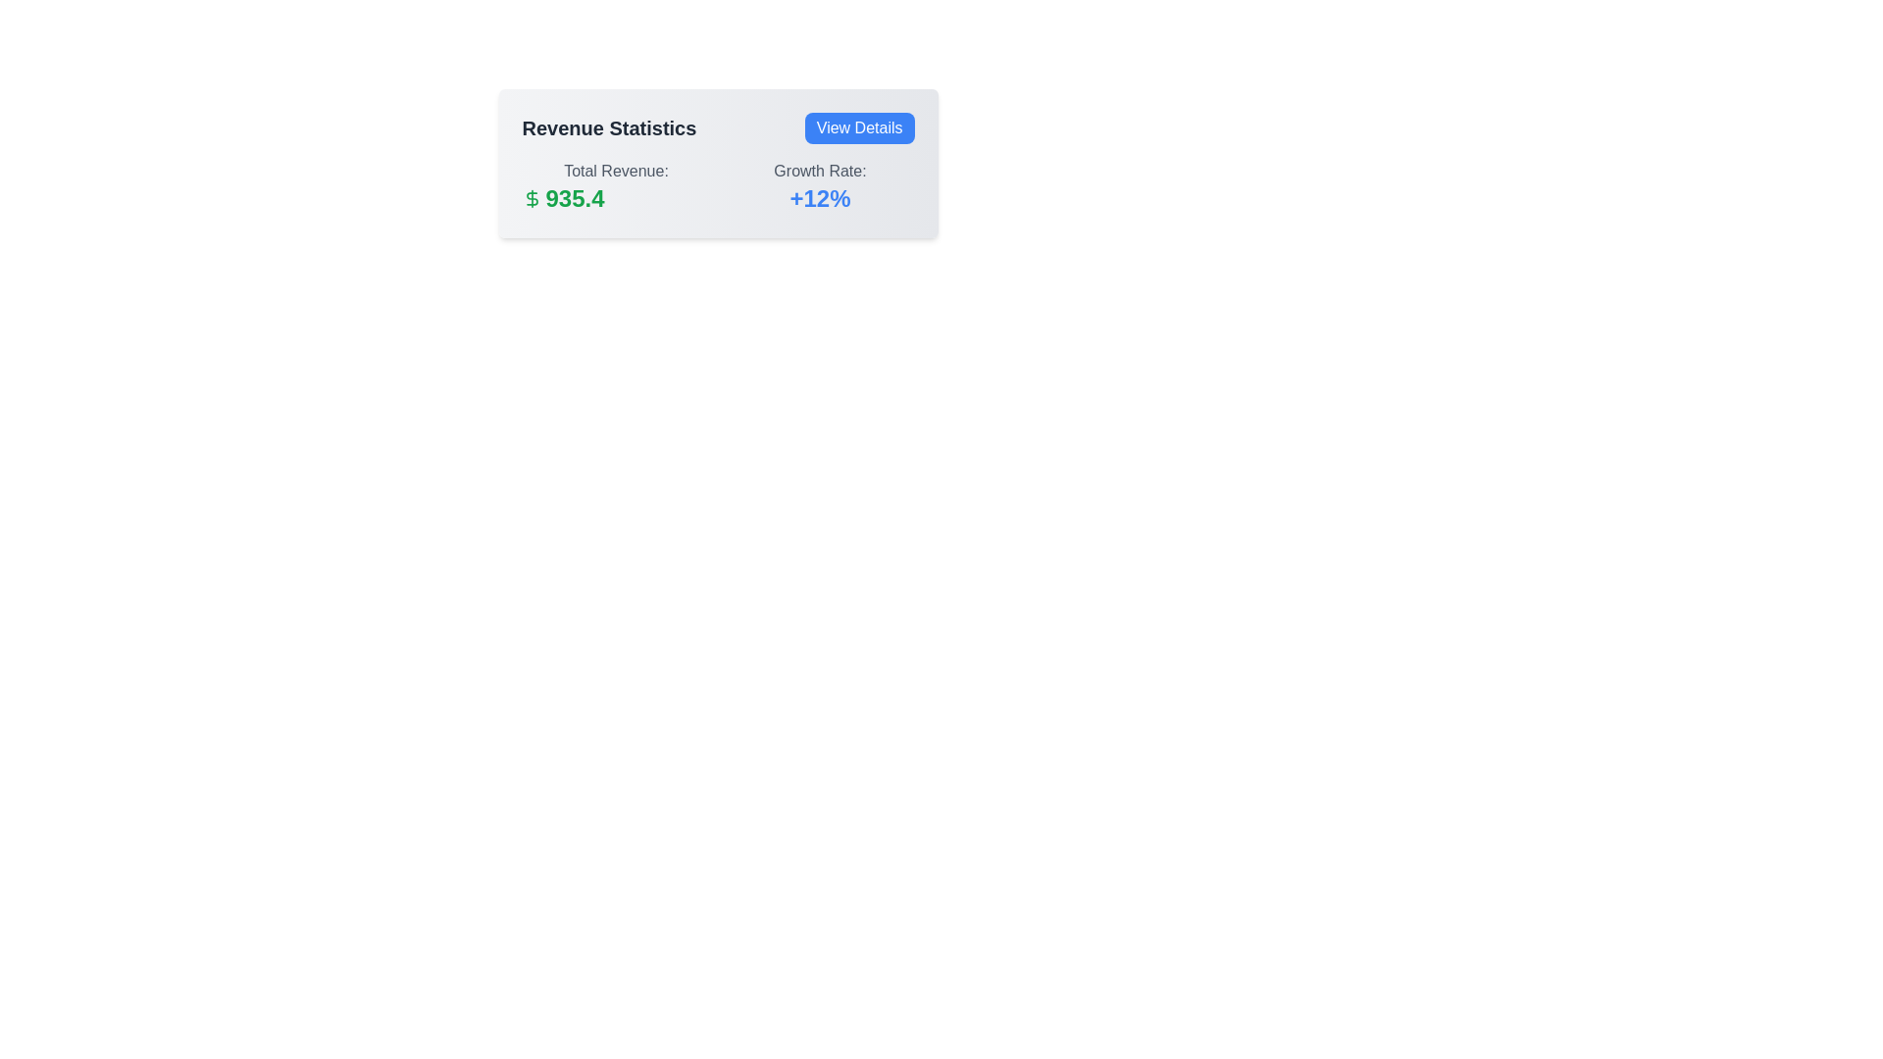 The height and width of the screenshot is (1059, 1883). What do you see at coordinates (532, 199) in the screenshot?
I see `the dollar sign SVG icon located to the left of the numeric value 935.4 in the 'Total Revenue' section of the 'Revenue Statistics' card` at bounding box center [532, 199].